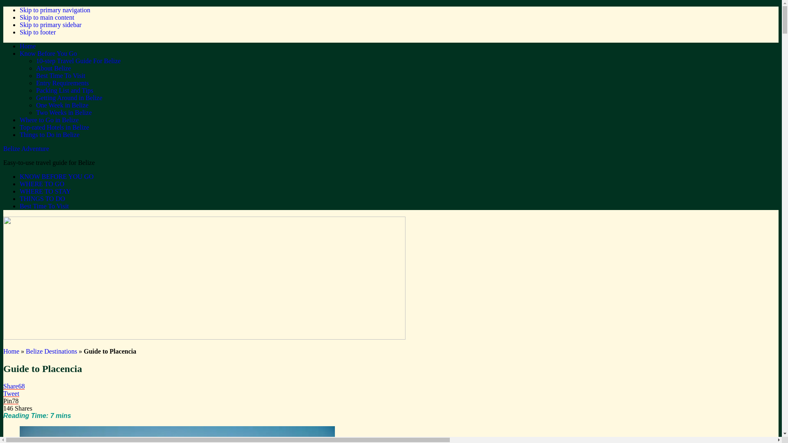  I want to click on 'Belize Adventure', so click(26, 148).